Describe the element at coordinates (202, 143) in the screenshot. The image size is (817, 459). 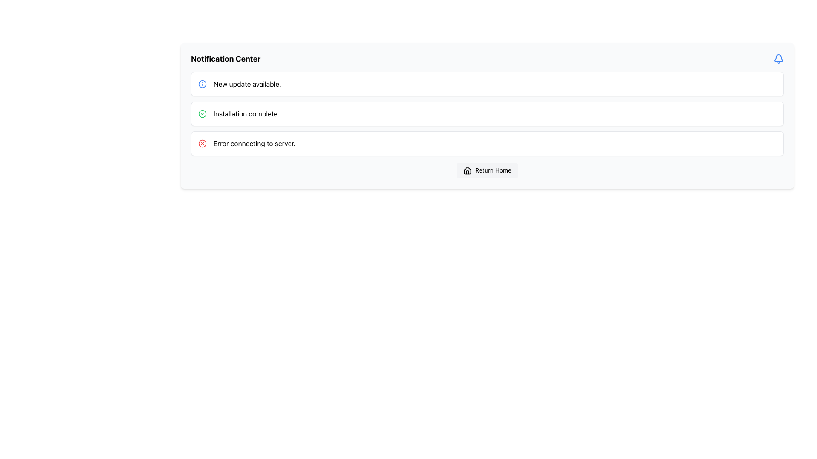
I see `the error indicator icon located in the third notification block next to the text 'Error connecting to server.'` at that location.